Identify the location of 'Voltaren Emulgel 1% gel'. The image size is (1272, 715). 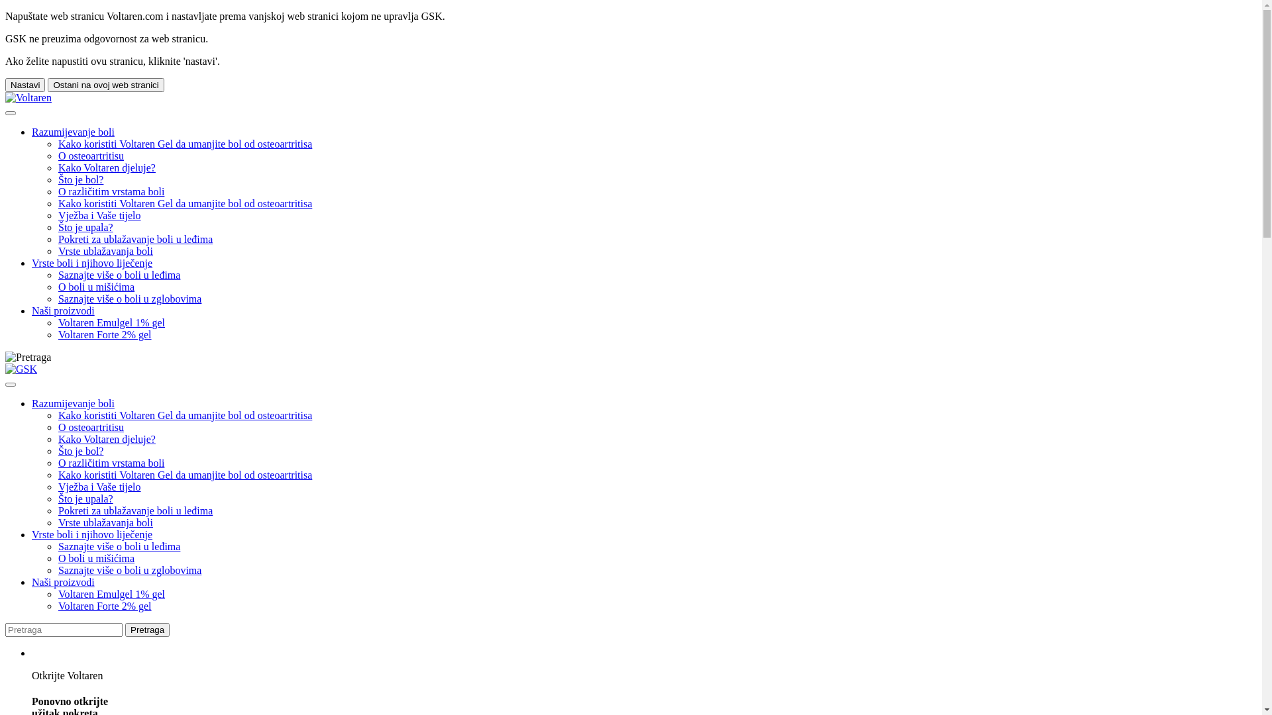
(111, 593).